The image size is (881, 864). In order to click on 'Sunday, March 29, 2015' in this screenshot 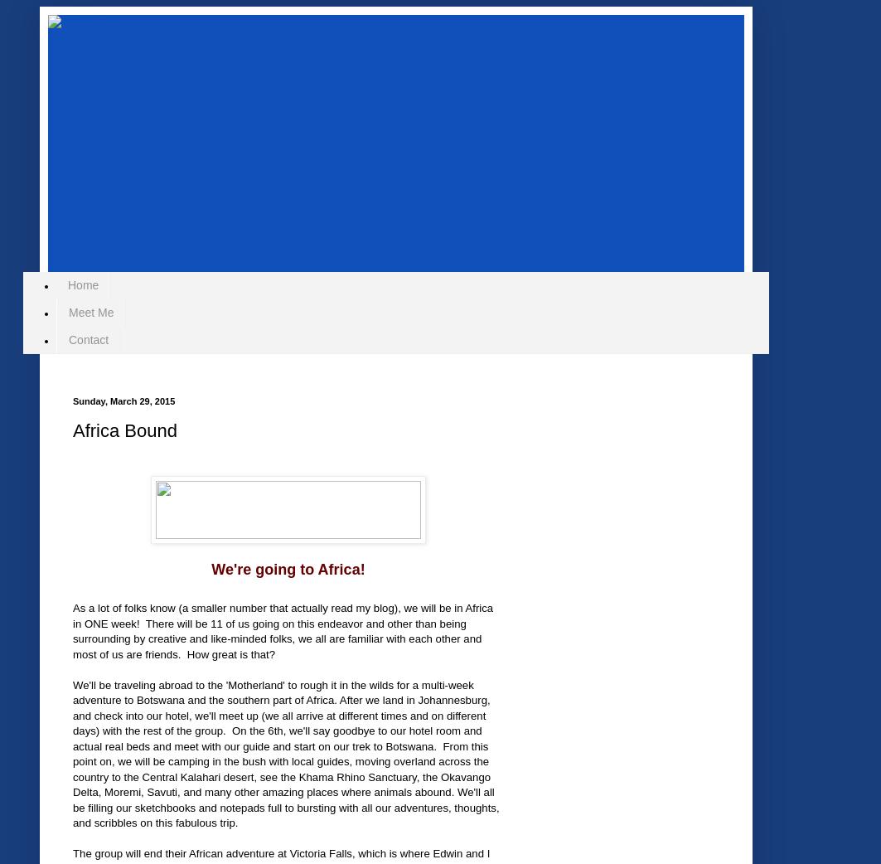, I will do `click(123, 401)`.